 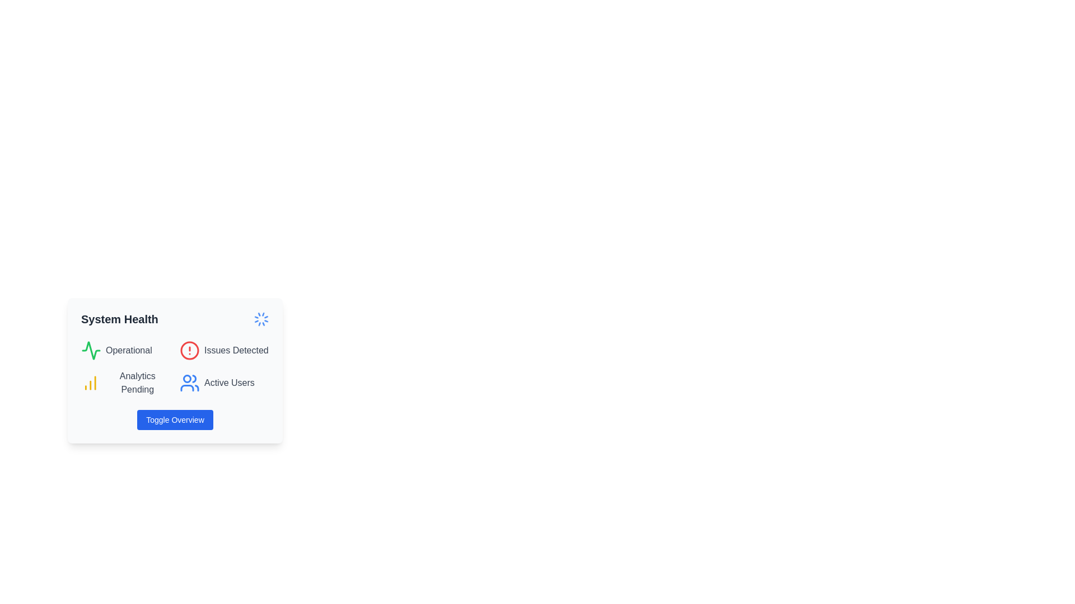 What do you see at coordinates (137, 383) in the screenshot?
I see `the Static text label displaying 'Analytics Pending' which is located at the bottom left of the 'System Health' card, below the 'Operational' status` at bounding box center [137, 383].